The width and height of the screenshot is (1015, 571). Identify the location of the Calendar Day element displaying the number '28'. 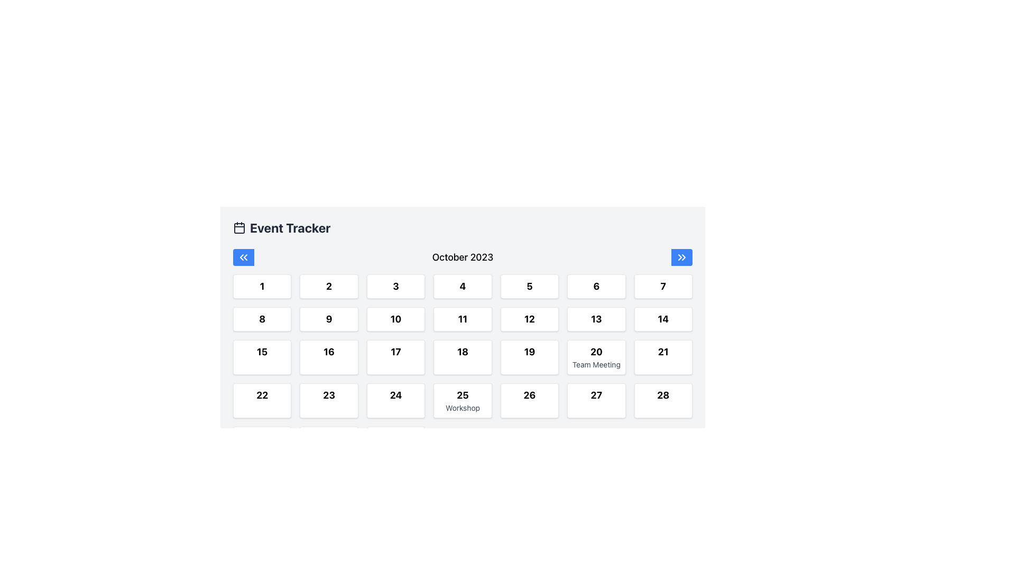
(662, 401).